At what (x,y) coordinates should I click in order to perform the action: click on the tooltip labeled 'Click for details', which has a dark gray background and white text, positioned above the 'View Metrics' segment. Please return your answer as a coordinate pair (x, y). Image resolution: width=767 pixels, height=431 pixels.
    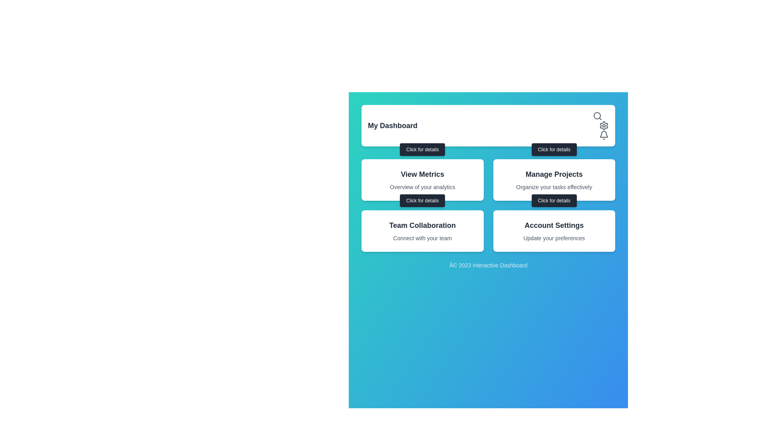
    Looking at the image, I should click on (422, 149).